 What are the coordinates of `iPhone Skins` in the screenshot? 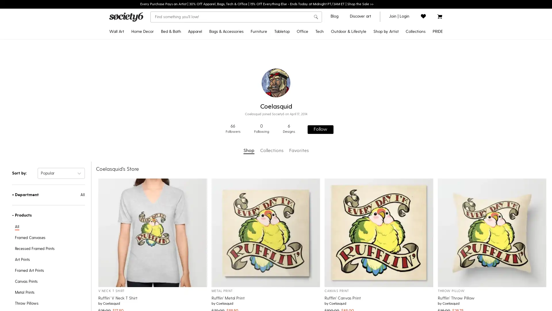 It's located at (340, 148).